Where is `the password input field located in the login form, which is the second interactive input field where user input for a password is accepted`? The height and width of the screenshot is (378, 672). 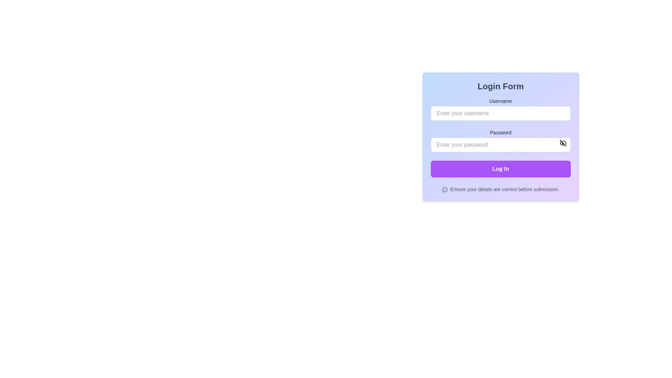
the password input field located in the login form, which is the second interactive input field where user input for a password is accepted is located at coordinates (500, 144).